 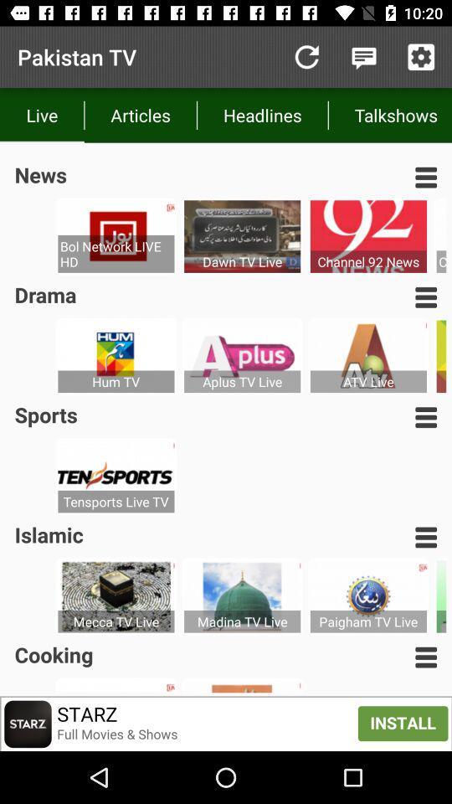 I want to click on atv live item, so click(x=368, y=381).